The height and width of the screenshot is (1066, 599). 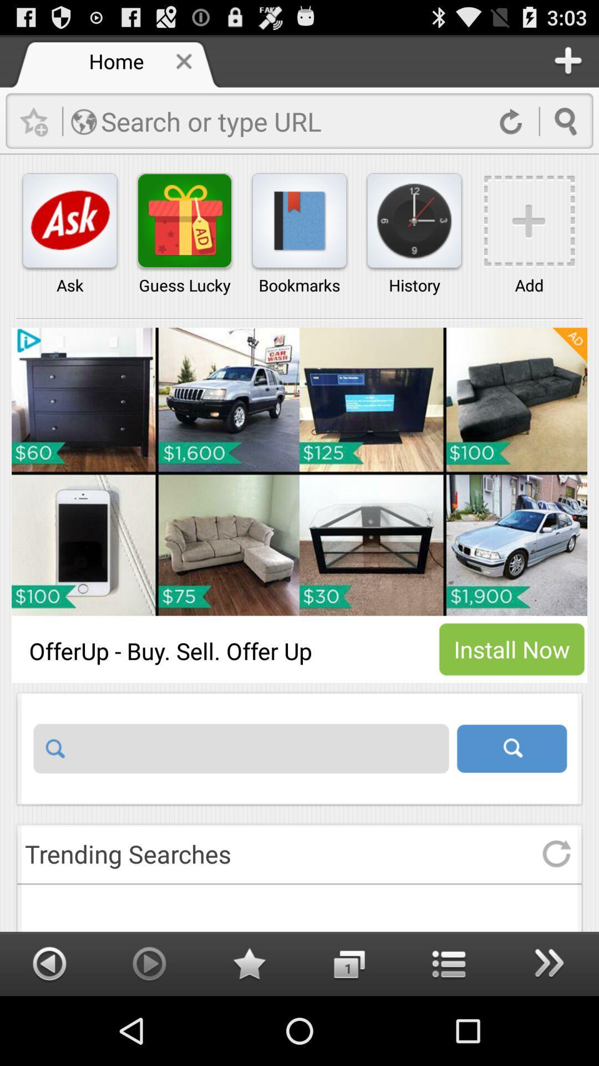 What do you see at coordinates (511, 801) in the screenshot?
I see `the search icon` at bounding box center [511, 801].